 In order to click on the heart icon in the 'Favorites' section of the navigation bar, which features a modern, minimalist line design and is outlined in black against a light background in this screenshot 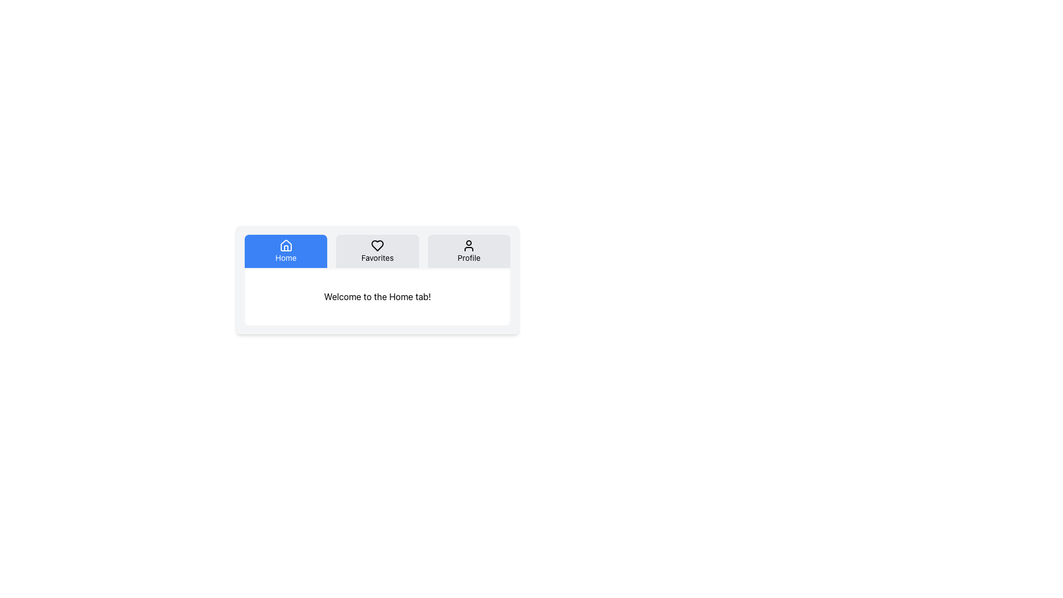, I will do `click(377, 245)`.